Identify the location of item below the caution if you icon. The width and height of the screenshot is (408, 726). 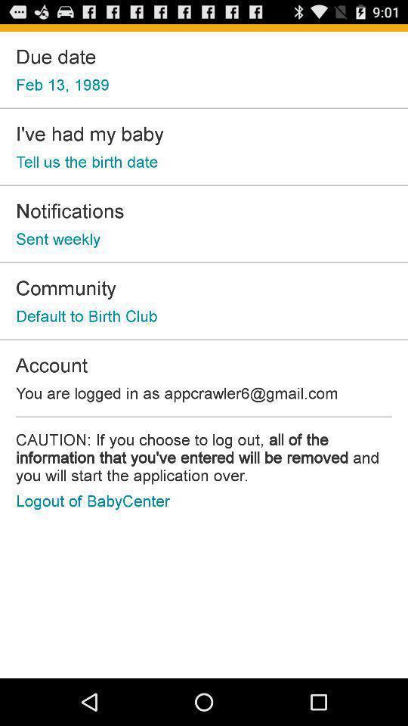
(93, 501).